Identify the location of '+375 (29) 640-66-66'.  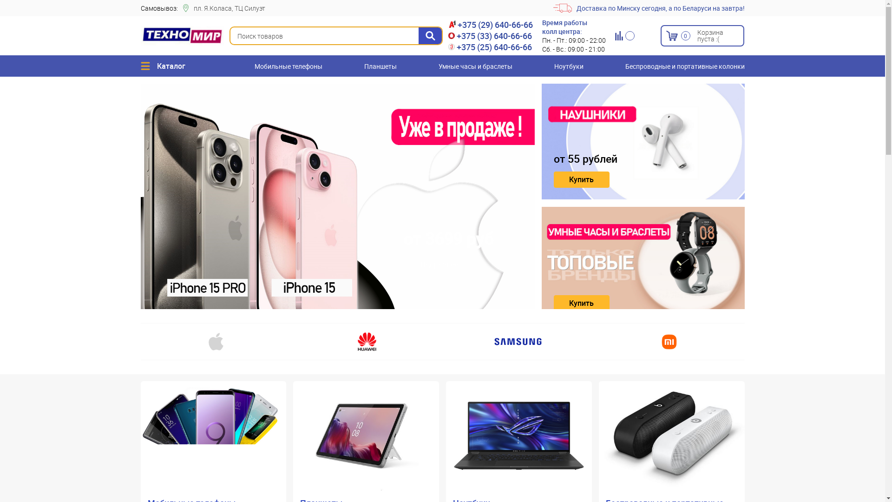
(490, 24).